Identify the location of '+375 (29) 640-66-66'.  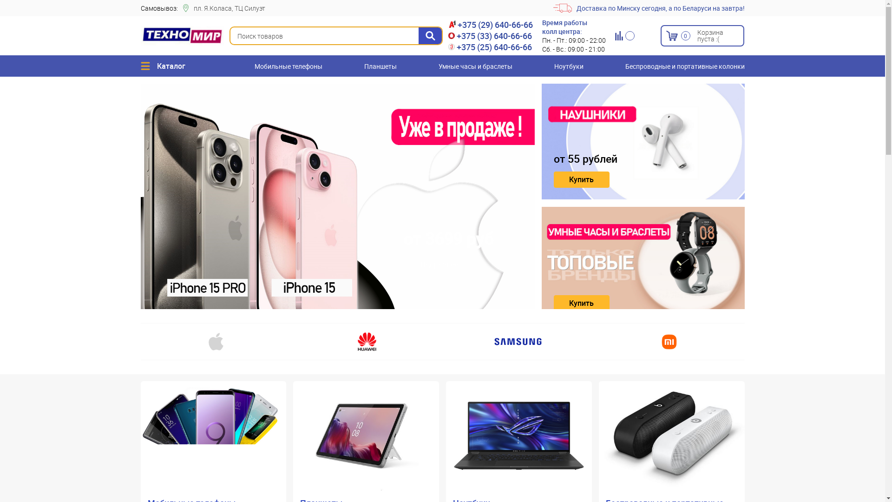
(490, 24).